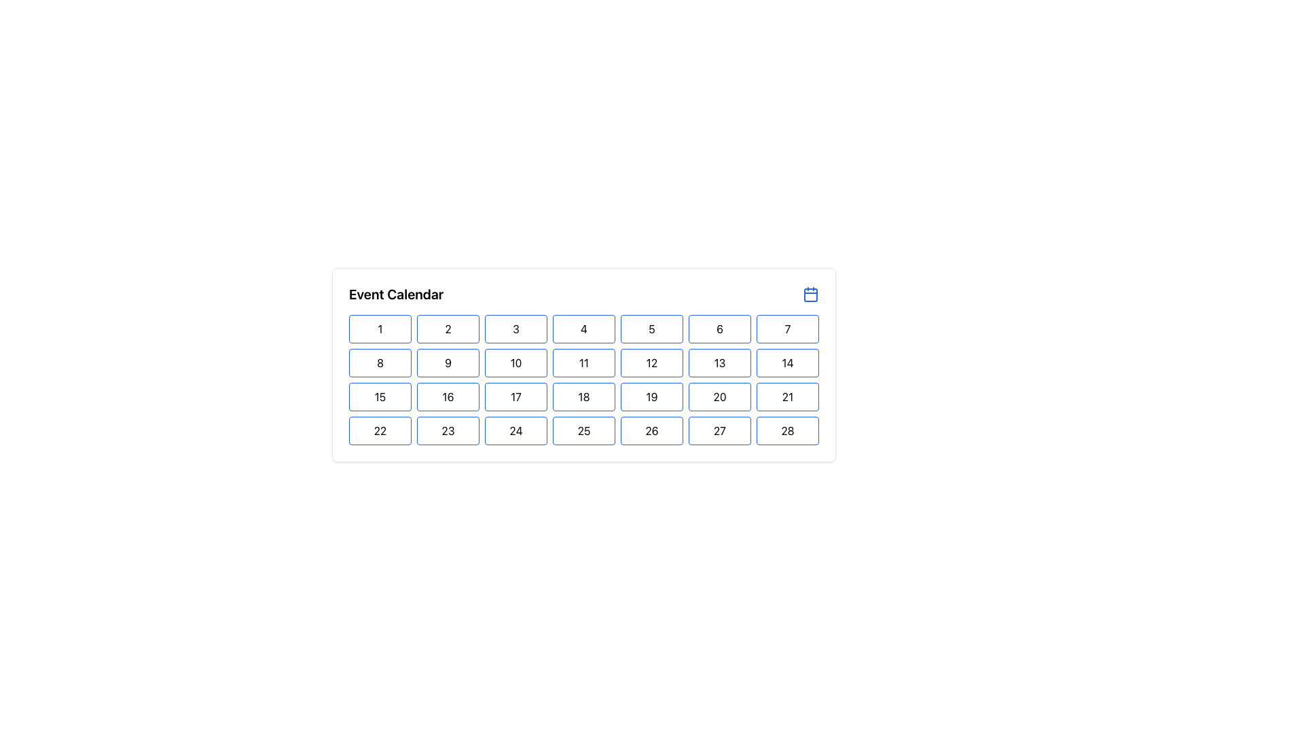  I want to click on the rectangular button with a blue border displaying the number '12' in bold black font, located in the second row and sixth column of the calendar grid, so click(652, 362).